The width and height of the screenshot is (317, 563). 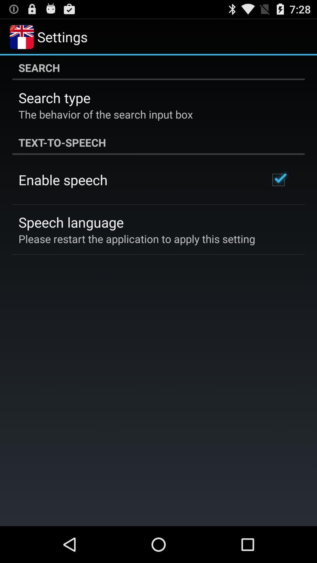 I want to click on the icon above the please restart the item, so click(x=71, y=222).